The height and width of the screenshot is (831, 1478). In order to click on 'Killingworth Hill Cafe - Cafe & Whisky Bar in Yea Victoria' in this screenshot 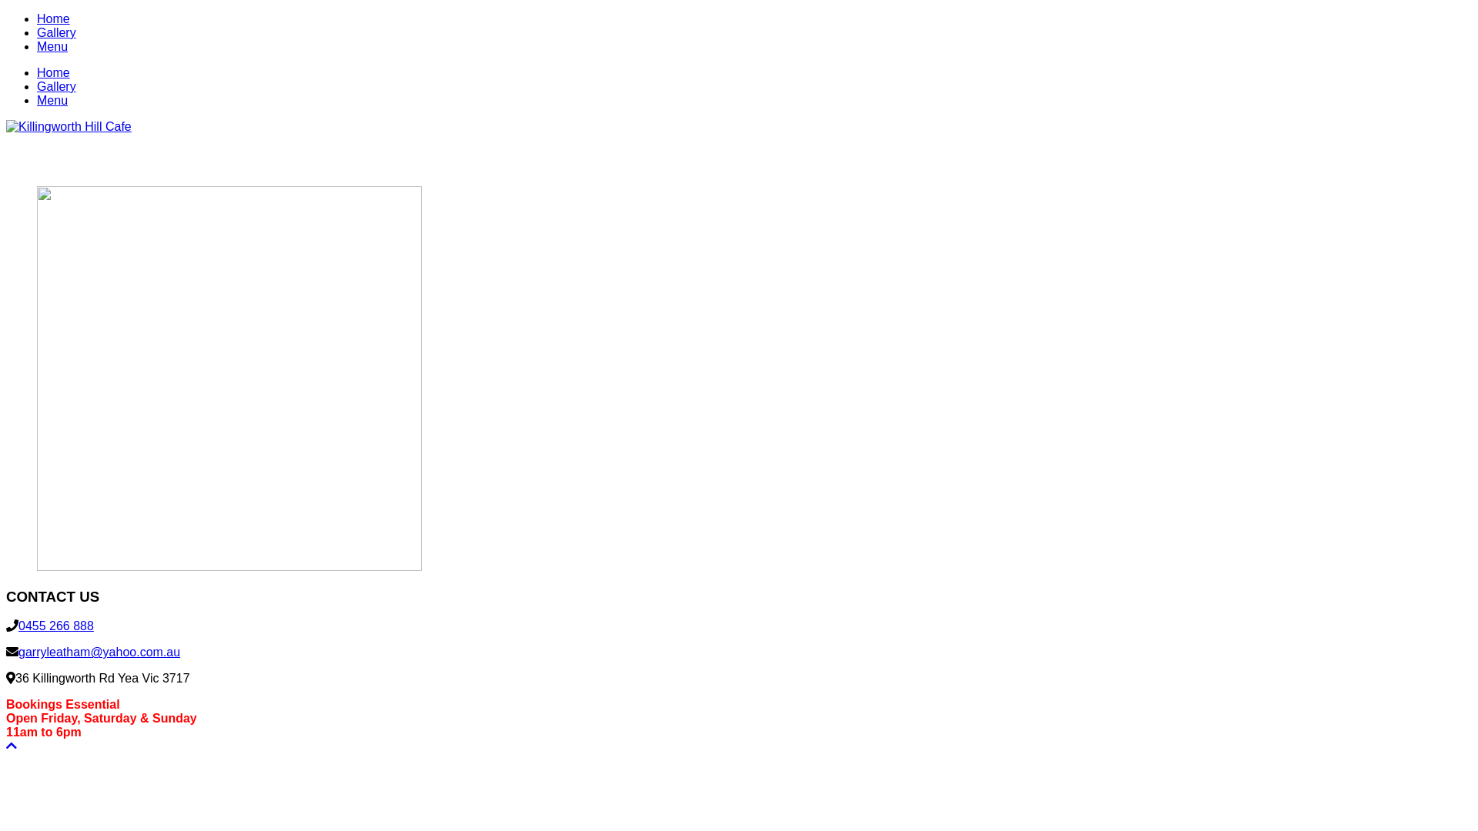, I will do `click(68, 125)`.